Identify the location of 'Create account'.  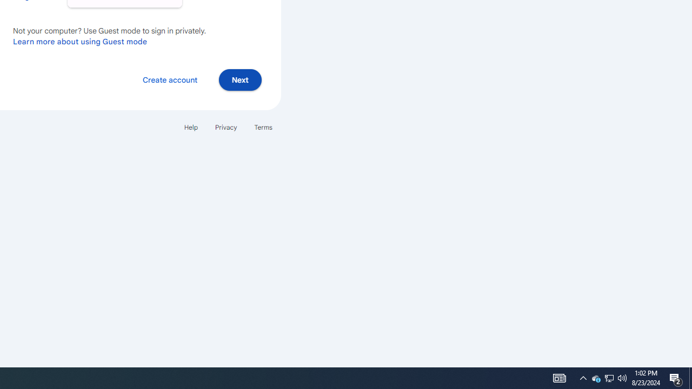
(169, 79).